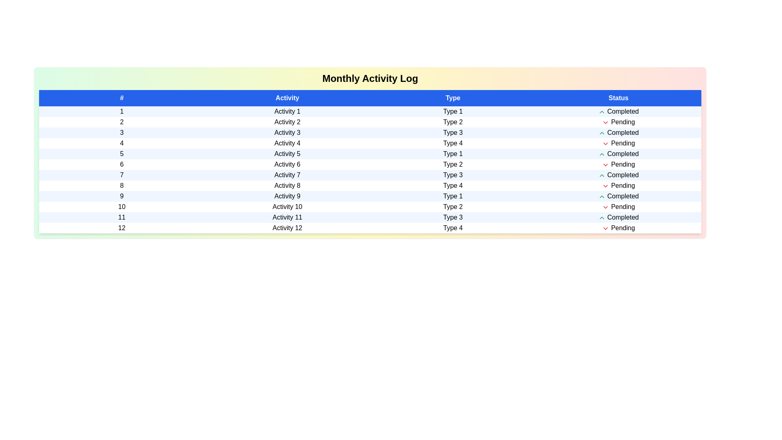 This screenshot has height=440, width=782. I want to click on the row corresponding to the activity with status Pending, so click(606, 122).